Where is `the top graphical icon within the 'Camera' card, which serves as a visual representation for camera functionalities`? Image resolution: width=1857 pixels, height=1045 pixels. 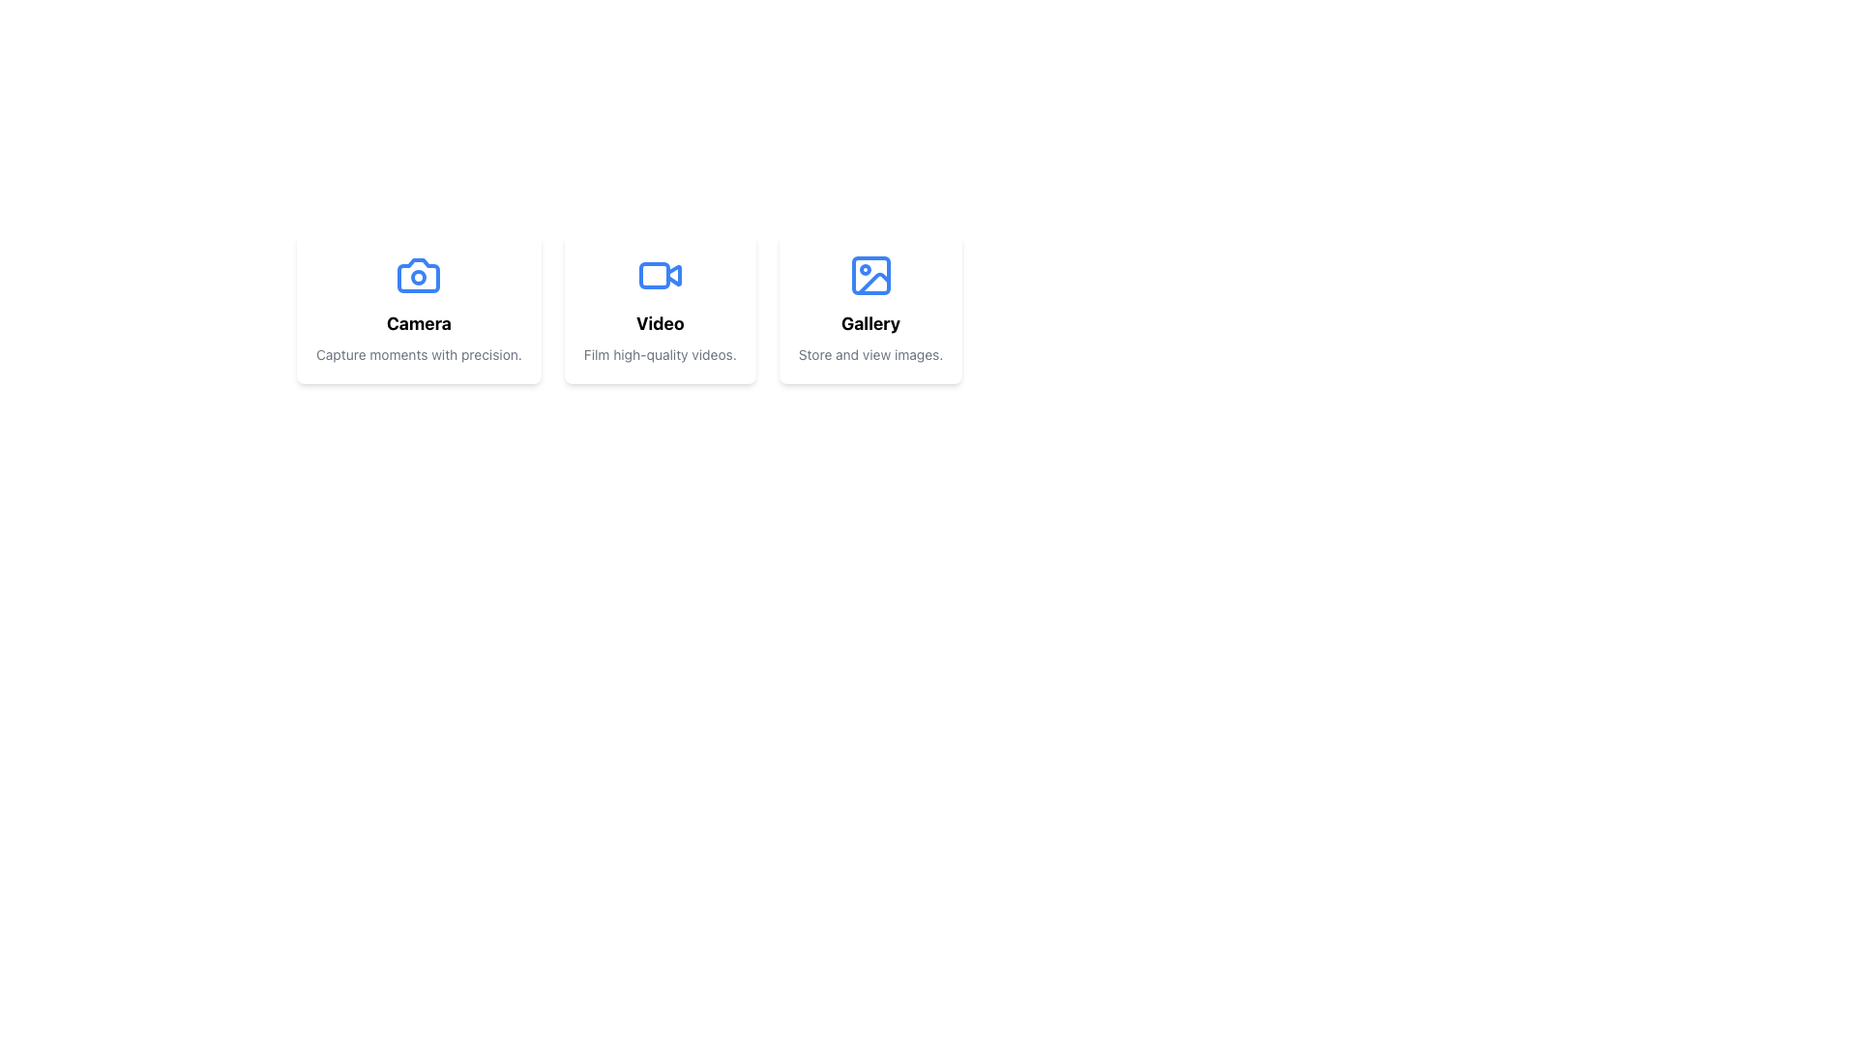 the top graphical icon within the 'Camera' card, which serves as a visual representation for camera functionalities is located at coordinates (418, 276).